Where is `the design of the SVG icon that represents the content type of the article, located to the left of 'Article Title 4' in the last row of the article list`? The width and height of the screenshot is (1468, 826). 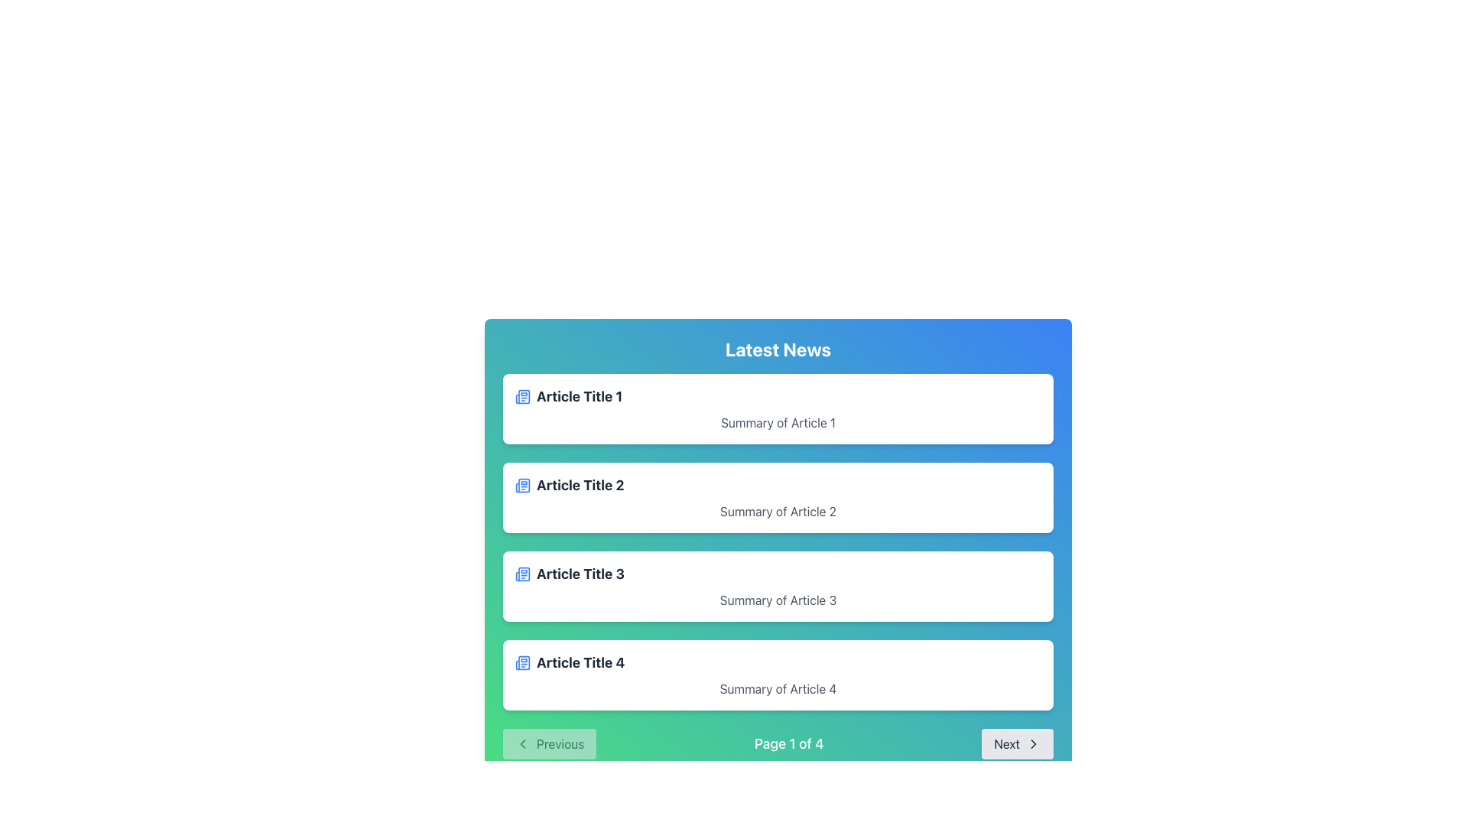 the design of the SVG icon that represents the content type of the article, located to the left of 'Article Title 4' in the last row of the article list is located at coordinates (523, 662).